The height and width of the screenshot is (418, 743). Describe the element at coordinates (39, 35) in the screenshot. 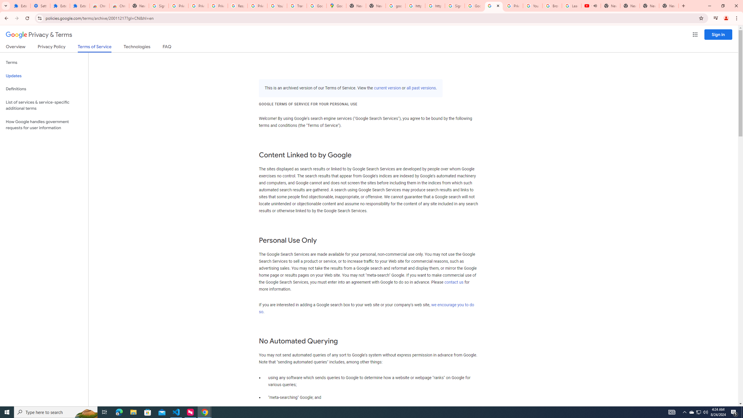

I see `'Privacy & Terms'` at that location.